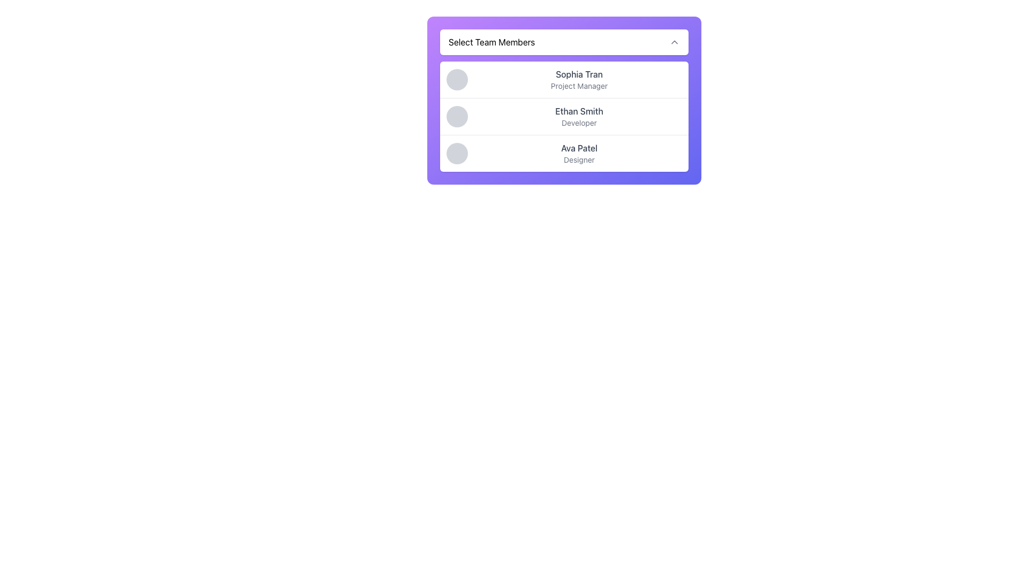  What do you see at coordinates (578, 111) in the screenshot?
I see `the text label displaying 'Ethan Smith', which is the second entry in the list under 'Select Team Members'` at bounding box center [578, 111].